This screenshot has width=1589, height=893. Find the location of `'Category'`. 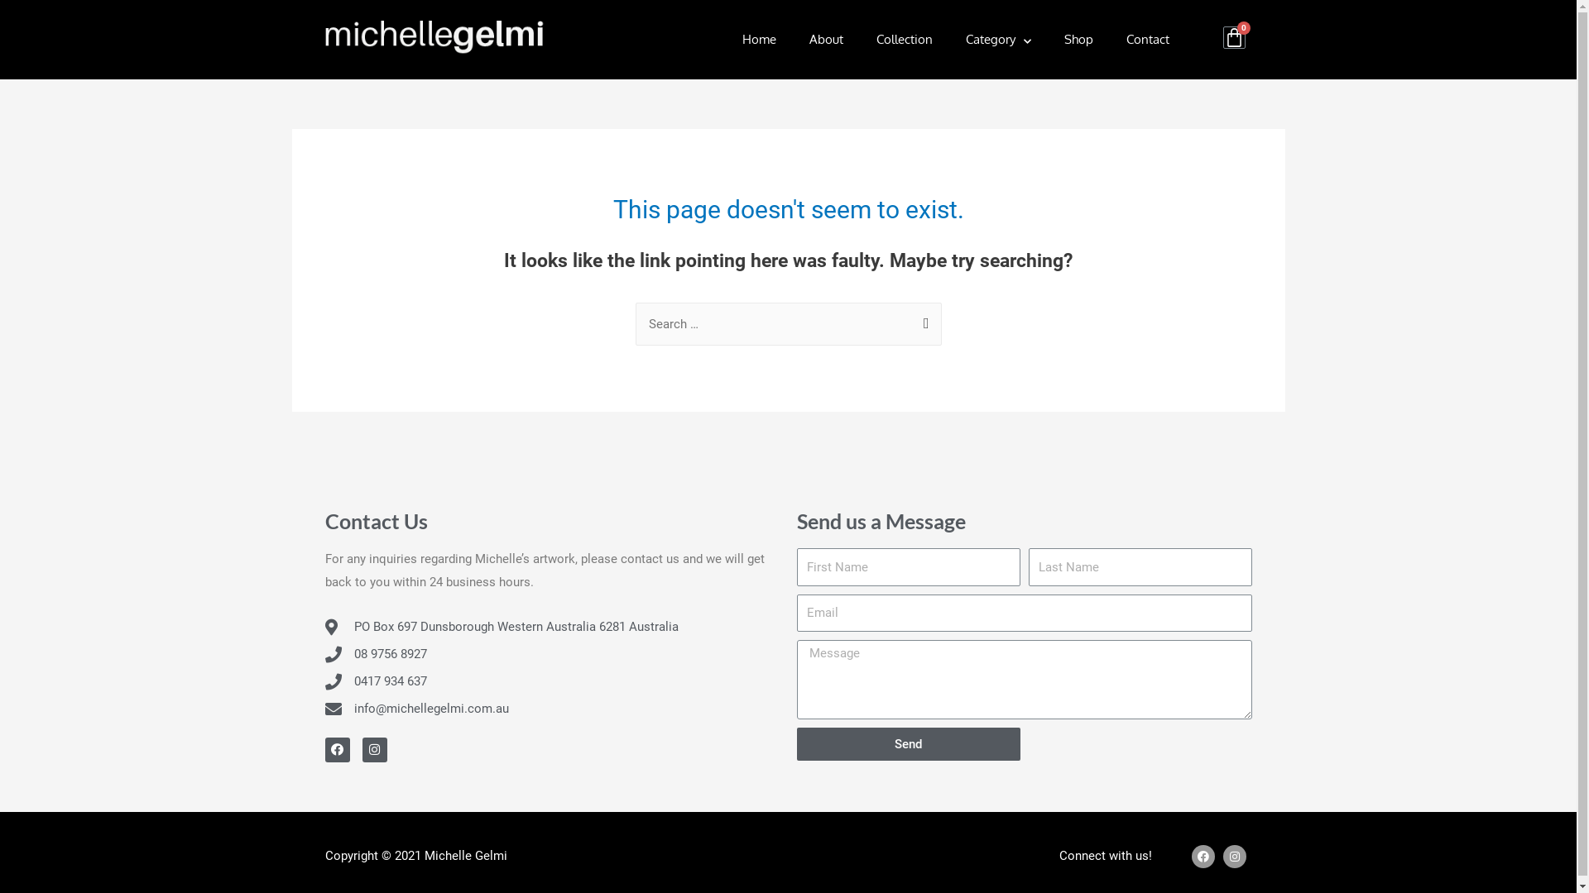

'Category' is located at coordinates (997, 38).